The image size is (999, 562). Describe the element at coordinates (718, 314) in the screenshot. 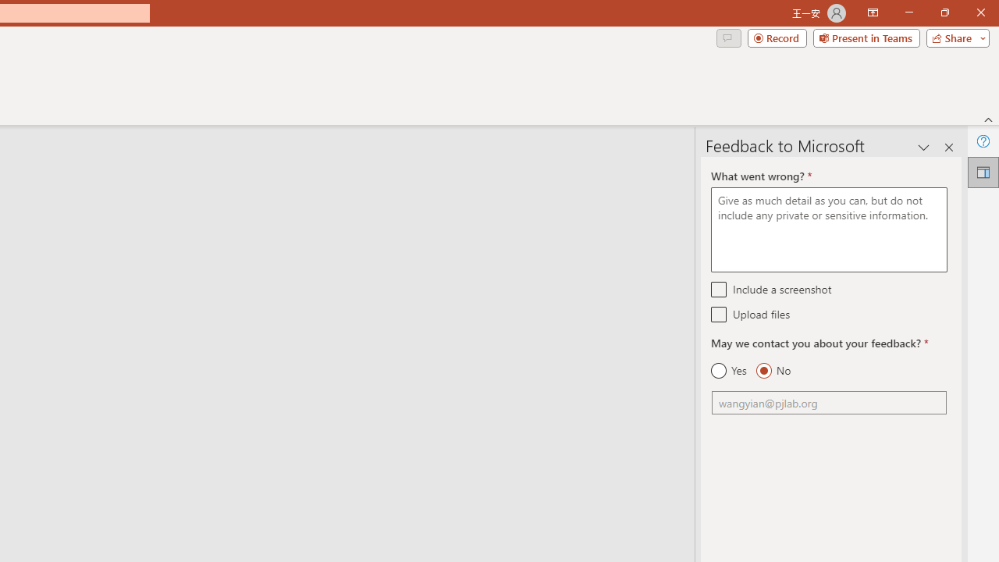

I see `'Upload files'` at that location.